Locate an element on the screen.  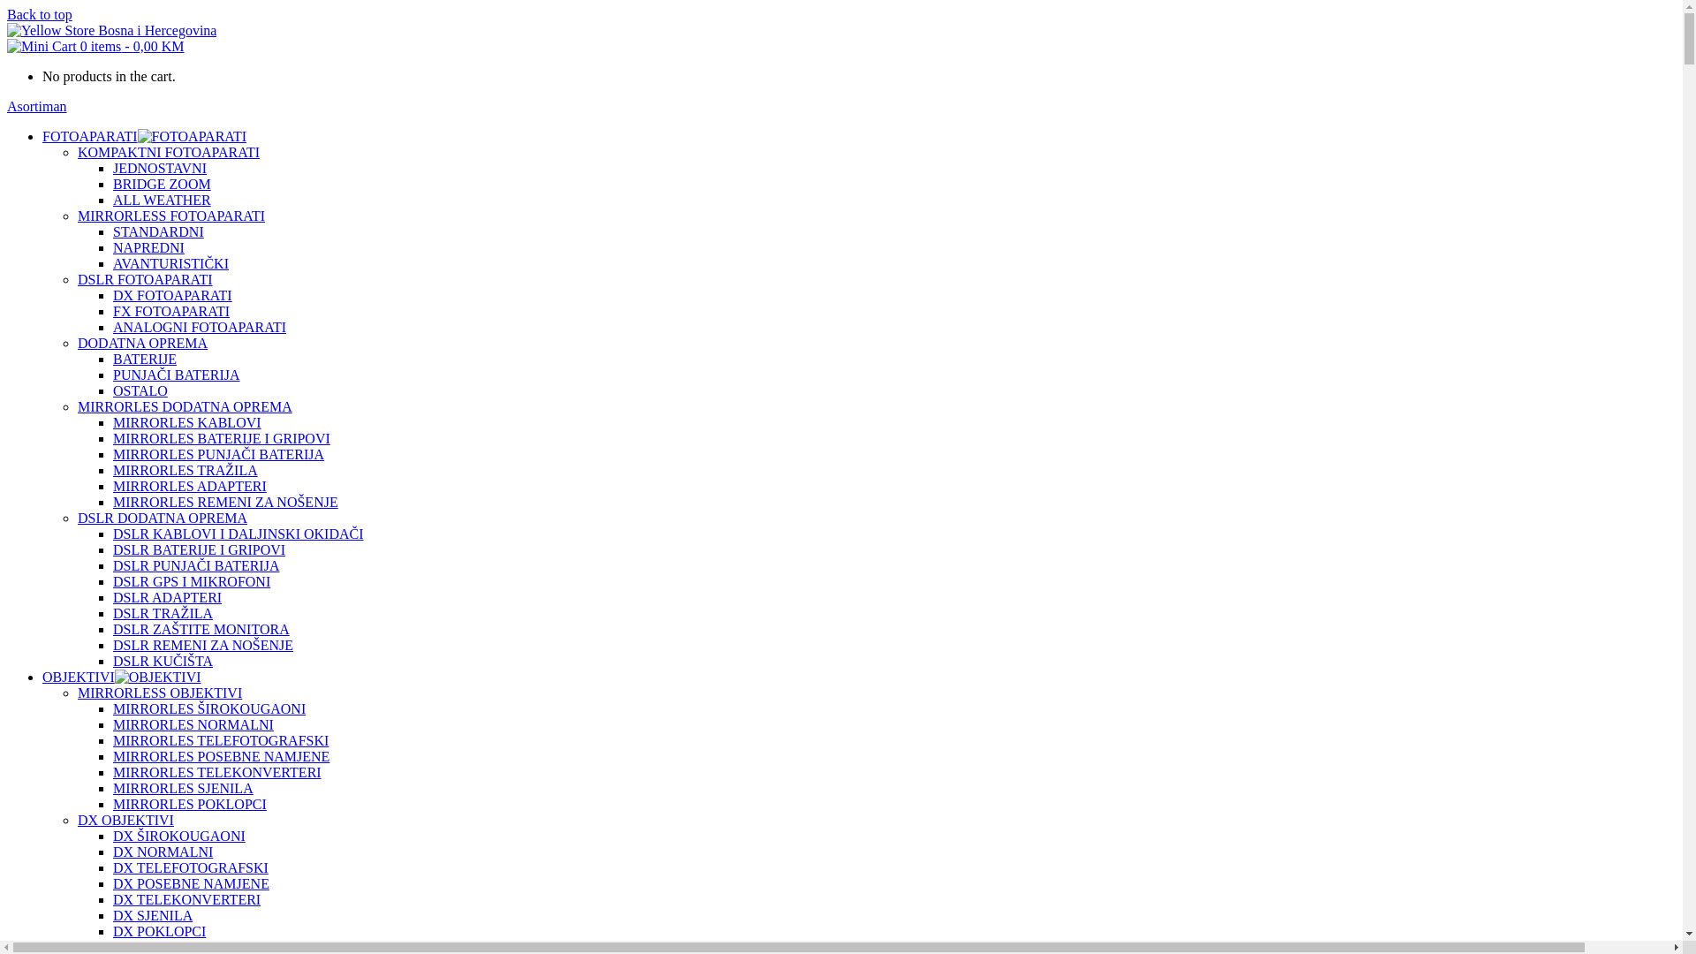
'Back to top' is located at coordinates (39, 14).